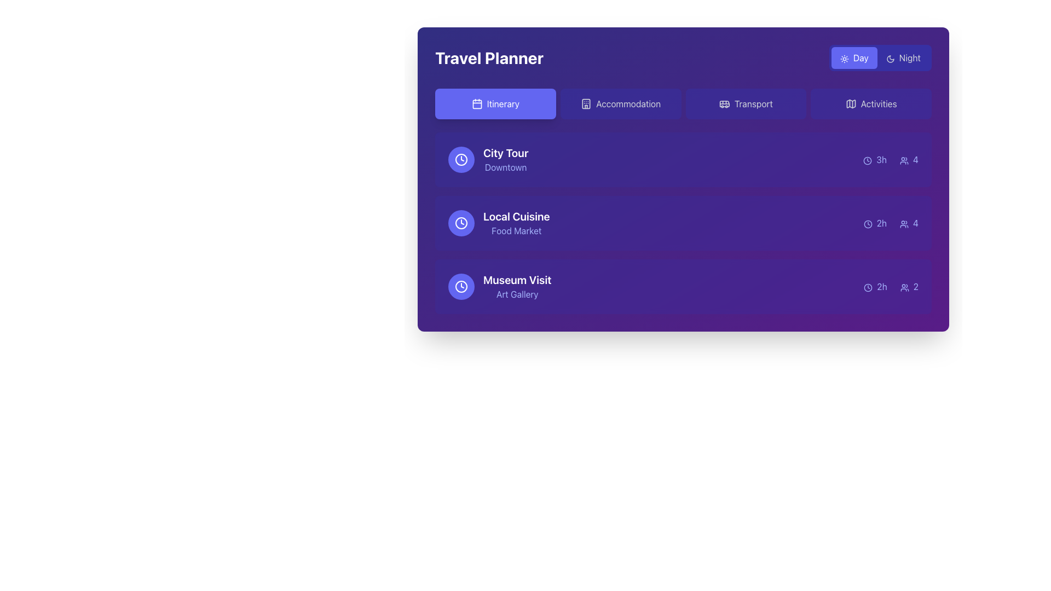 The height and width of the screenshot is (591, 1051). What do you see at coordinates (875, 286) in the screenshot?
I see `the text and clock icon label displaying '2h' with a light indigo color, located at the bottom-right corner of the 'Museum Visit' section` at bounding box center [875, 286].